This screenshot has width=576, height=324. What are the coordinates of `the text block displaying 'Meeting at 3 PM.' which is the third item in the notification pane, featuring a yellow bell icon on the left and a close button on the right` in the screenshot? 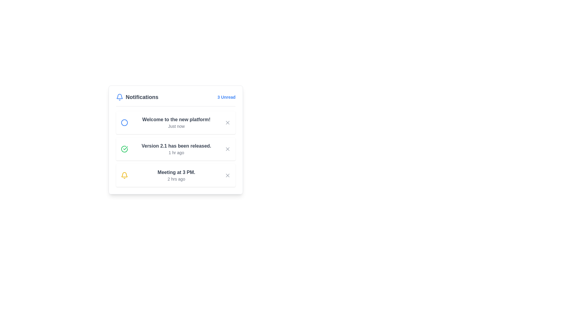 It's located at (176, 175).